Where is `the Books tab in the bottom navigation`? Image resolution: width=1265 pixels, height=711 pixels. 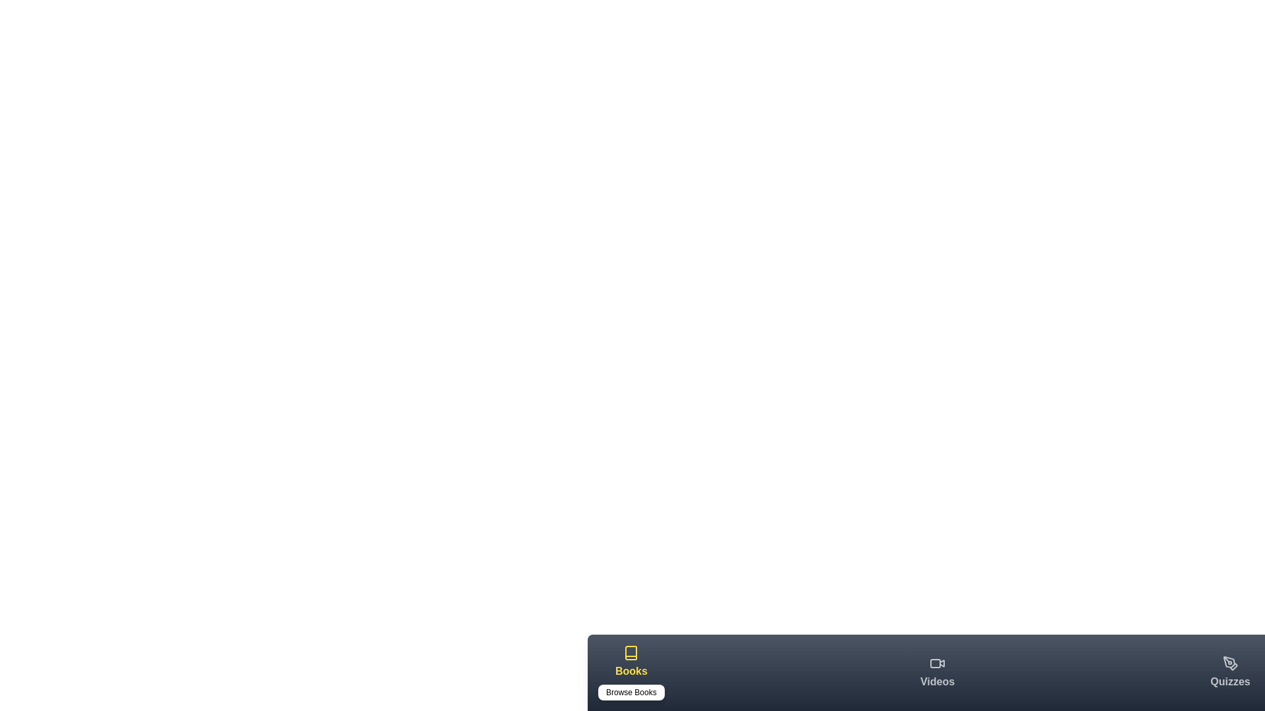
the Books tab in the bottom navigation is located at coordinates (631, 673).